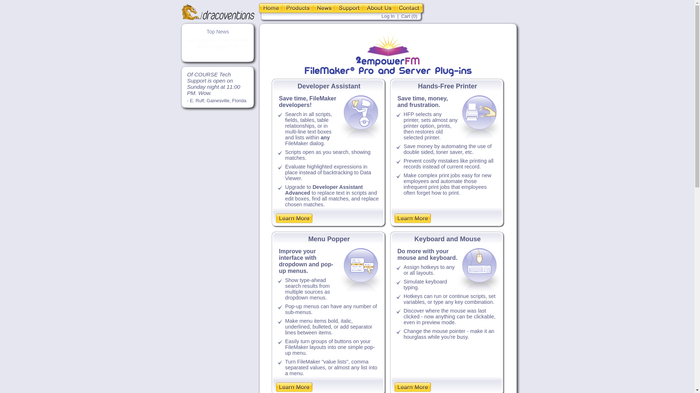 Image resolution: width=700 pixels, height=393 pixels. I want to click on 'Log In', so click(388, 16).